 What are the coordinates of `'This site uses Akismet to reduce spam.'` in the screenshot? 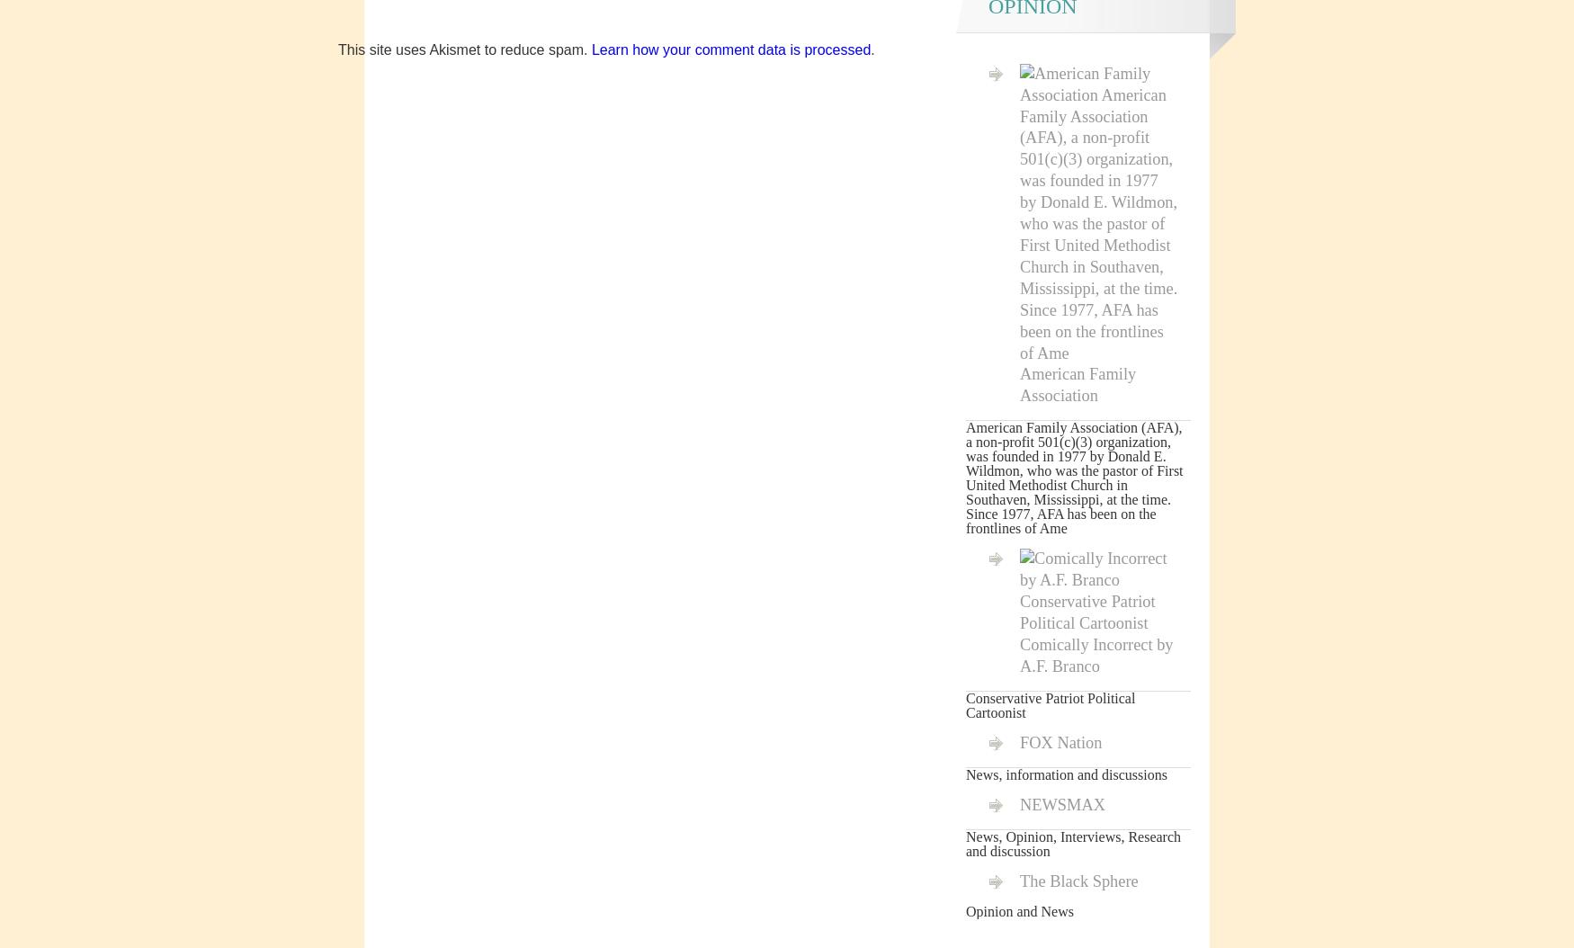 It's located at (463, 49).